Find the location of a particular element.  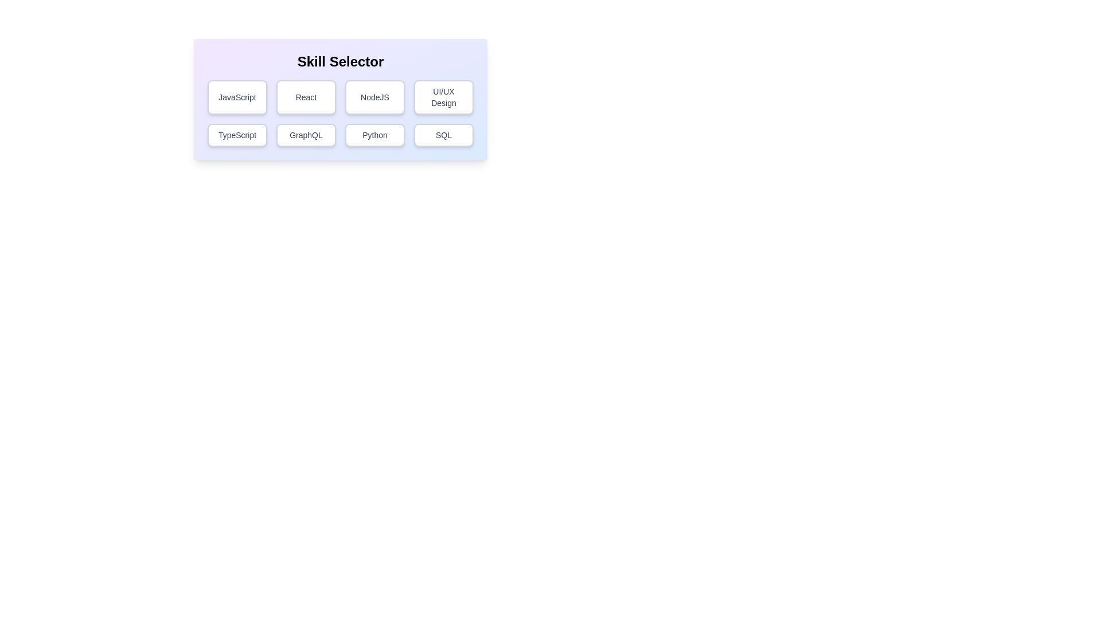

the skill button labeled React to observe hover effects is located at coordinates (306, 96).